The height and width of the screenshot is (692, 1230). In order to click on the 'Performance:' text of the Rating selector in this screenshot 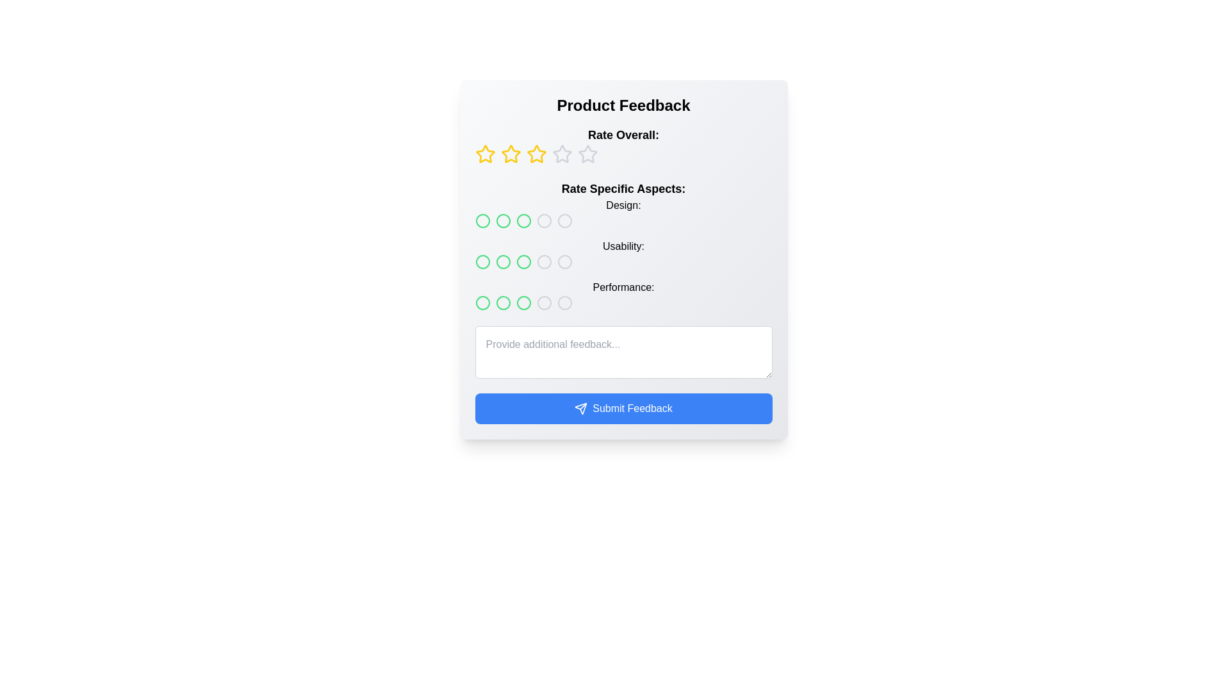, I will do `click(623, 295)`.